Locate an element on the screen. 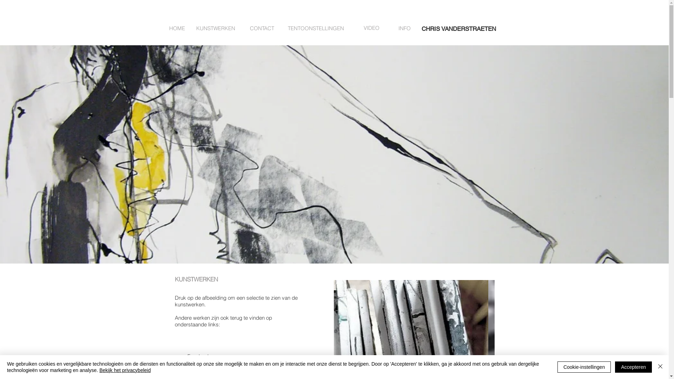 This screenshot has width=674, height=379. 'INFO' is located at coordinates (404, 28).